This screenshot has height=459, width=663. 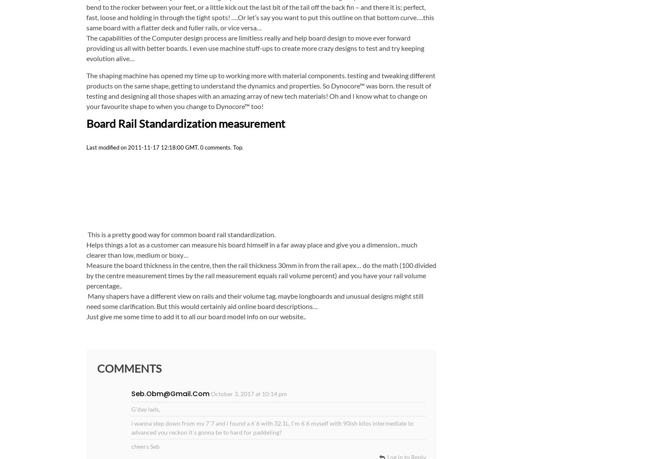 I want to click on 'Measure the board thickness in the centre, then the rail thickness 30mm in from the rail apex… do the math (100 divided by the centre measurement times by the rail measurement equals rail volume percent) and you have your rail volume percentage..', so click(x=260, y=275).